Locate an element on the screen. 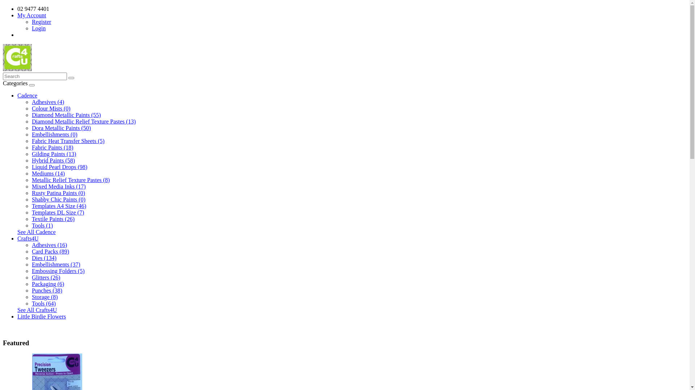  'Embossing Folders (5)' is located at coordinates (58, 271).